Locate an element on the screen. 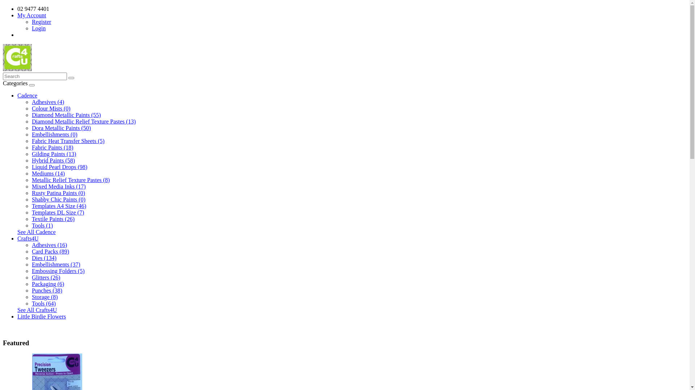  'Embossing Folders (5)' is located at coordinates (58, 271).